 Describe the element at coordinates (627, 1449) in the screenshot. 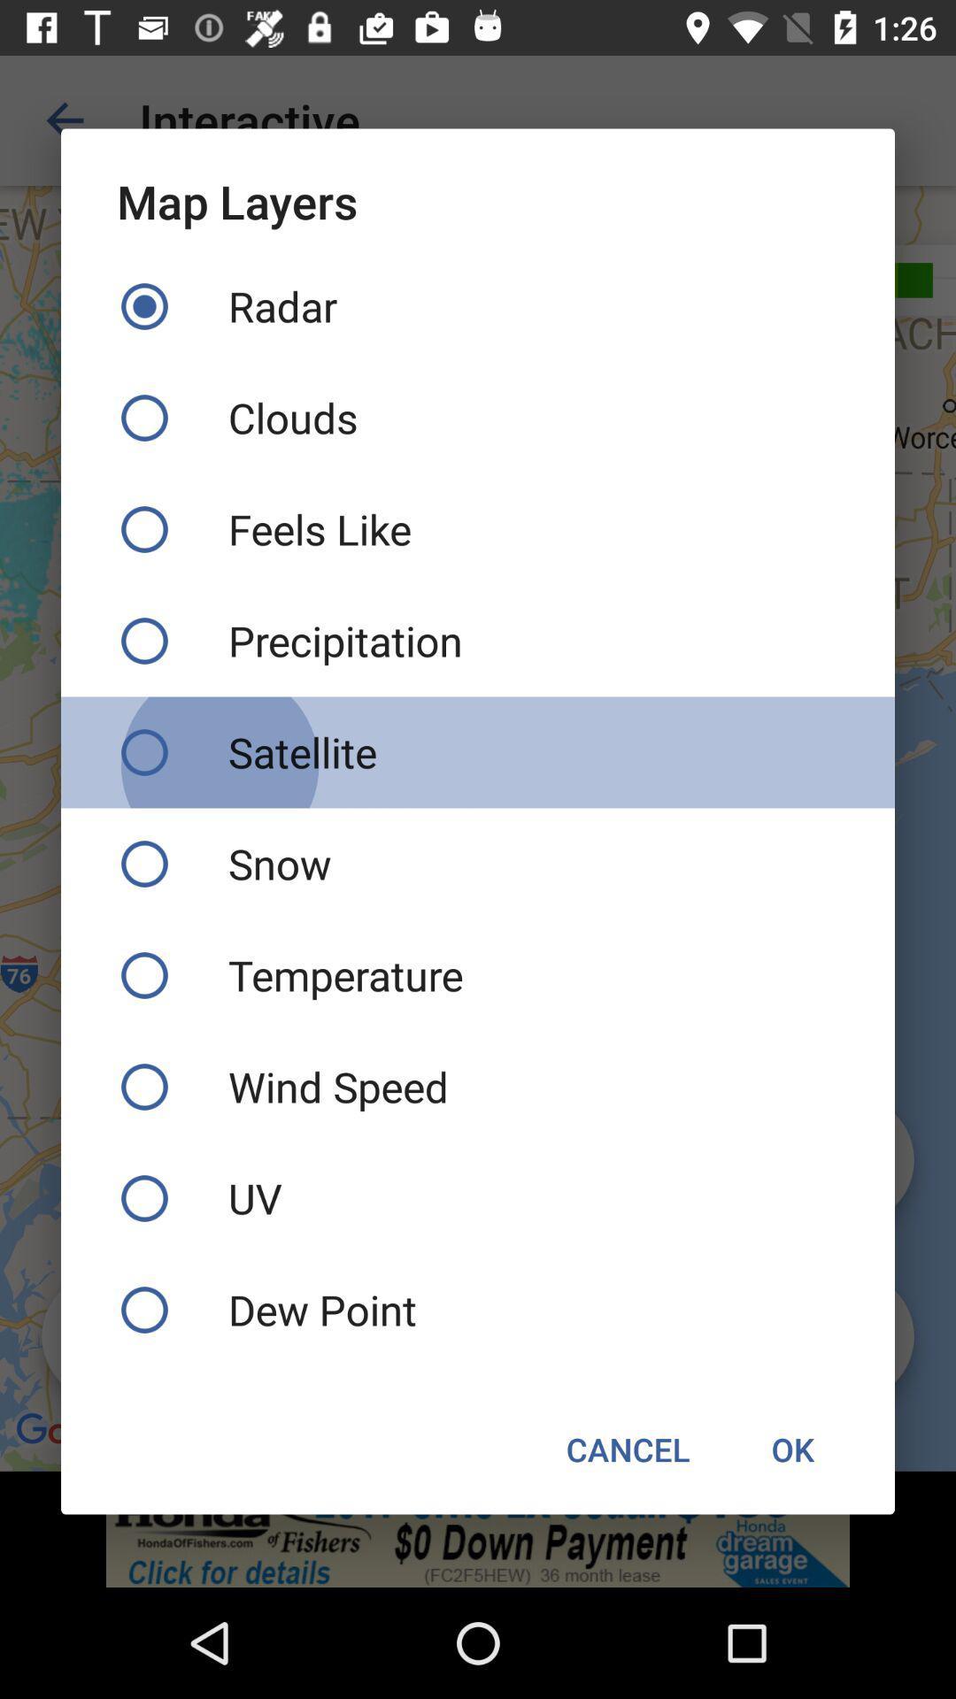

I see `item next to the ok` at that location.